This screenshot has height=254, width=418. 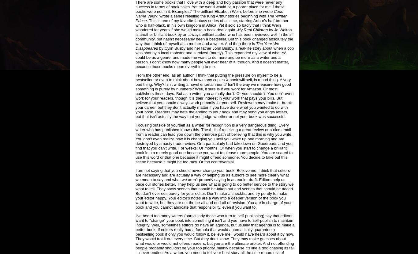 I want to click on '. This is one of my favorite fantasy series of all
time, starring Arthur's half-brother who is half-black, in his own kingdom in
Africa. Yet it sold so badly that I think Wein wondered for years if she would
make a book deal again.', so click(x=212, y=25).